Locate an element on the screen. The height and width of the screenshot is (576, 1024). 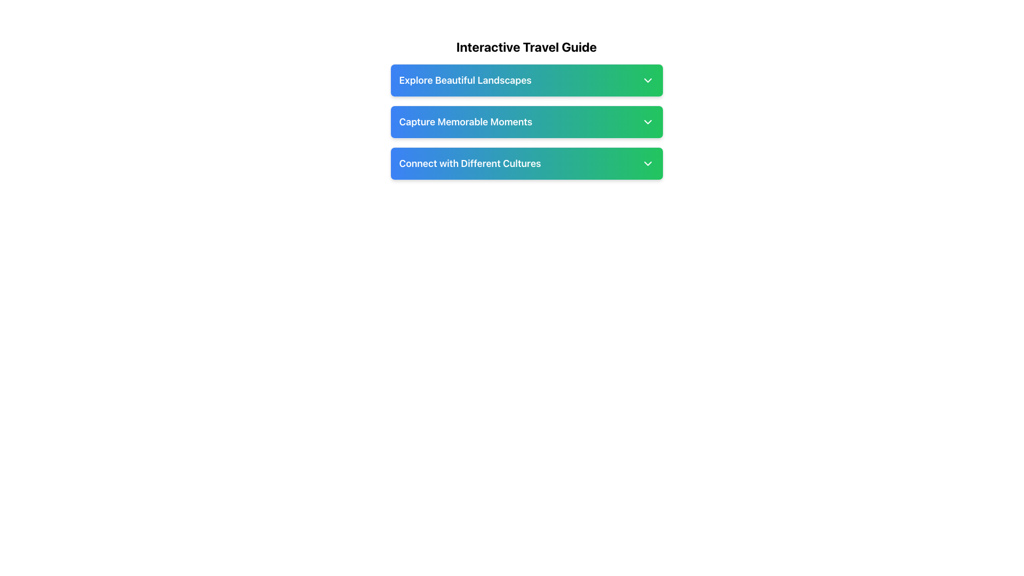
the third chevron-down icon in the bottom-most row of interactive buttons is located at coordinates (647, 164).